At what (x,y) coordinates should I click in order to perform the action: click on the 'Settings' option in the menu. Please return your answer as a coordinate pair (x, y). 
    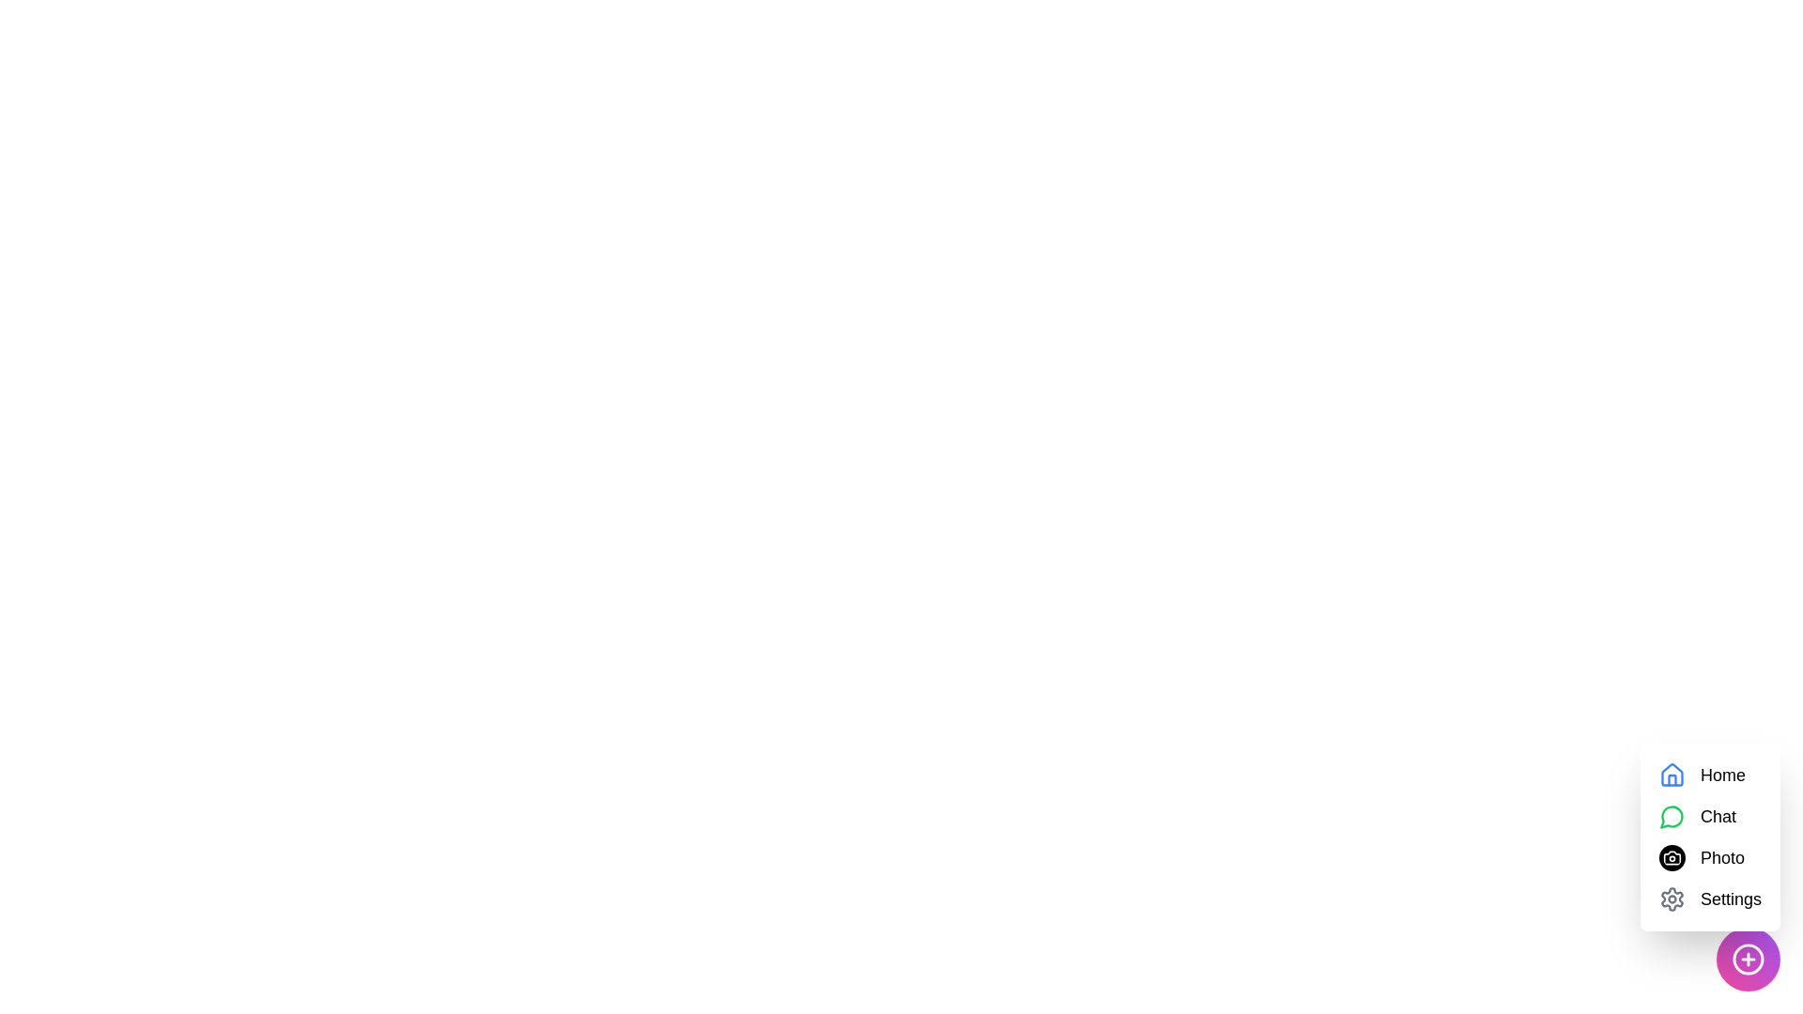
    Looking at the image, I should click on (1730, 898).